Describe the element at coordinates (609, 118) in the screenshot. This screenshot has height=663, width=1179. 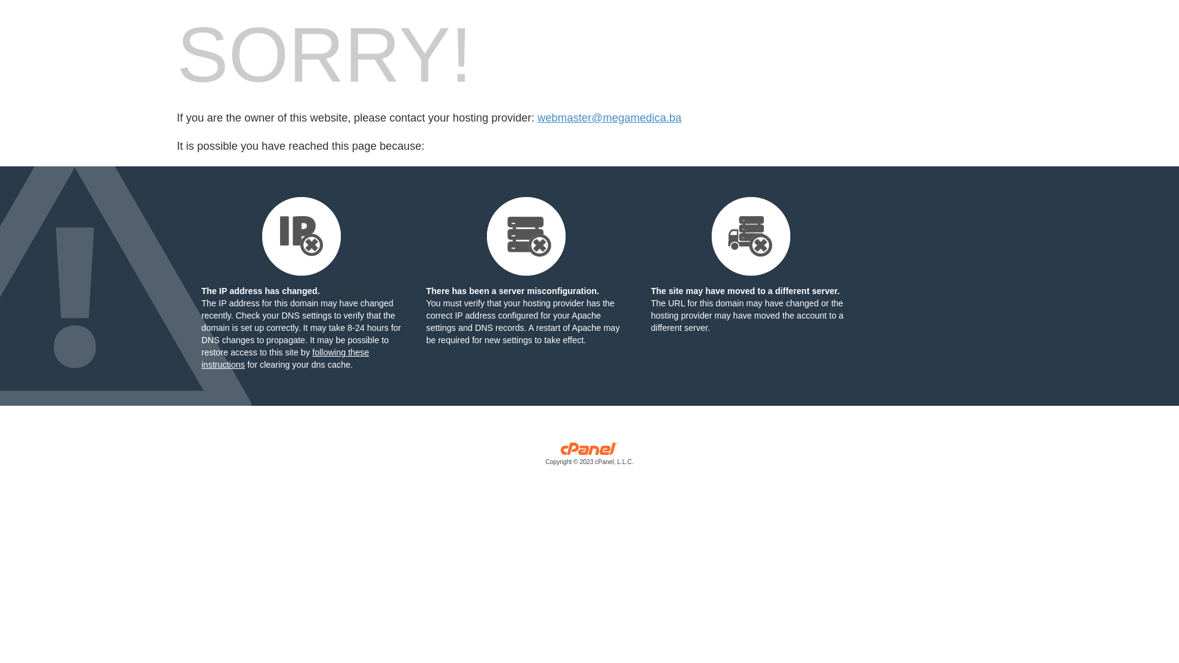
I see `'webmaster@megamedica.ba'` at that location.